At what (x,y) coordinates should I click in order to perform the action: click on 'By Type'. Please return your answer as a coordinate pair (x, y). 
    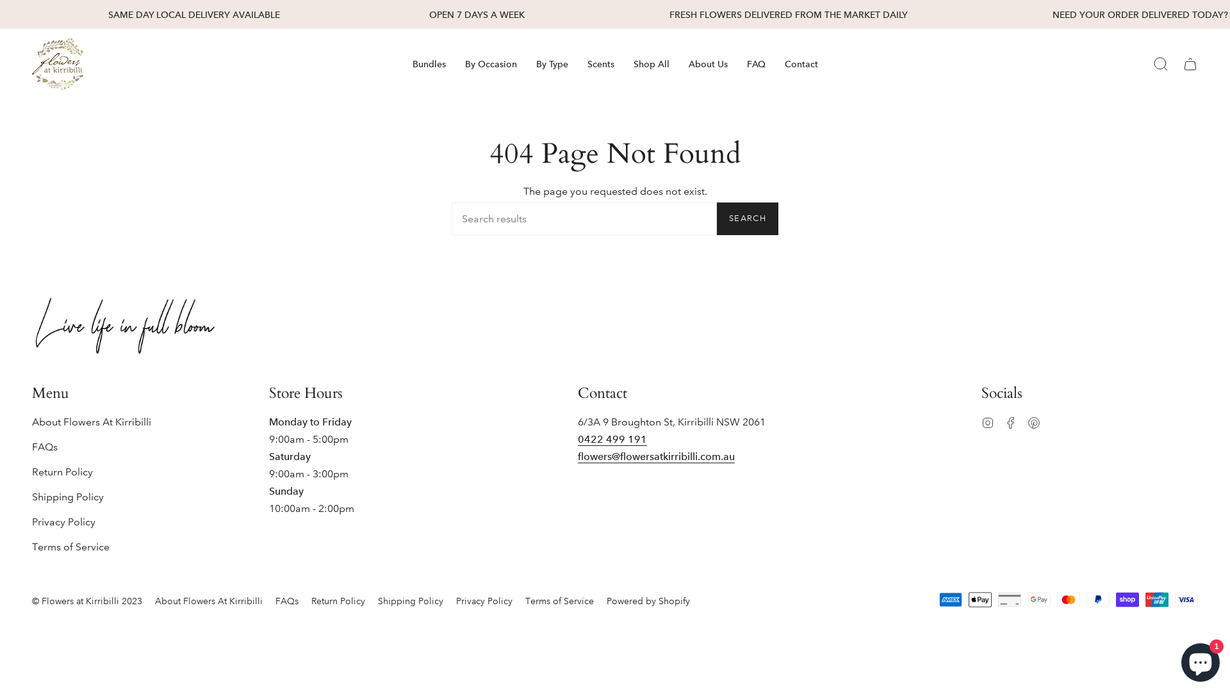
    Looking at the image, I should click on (552, 64).